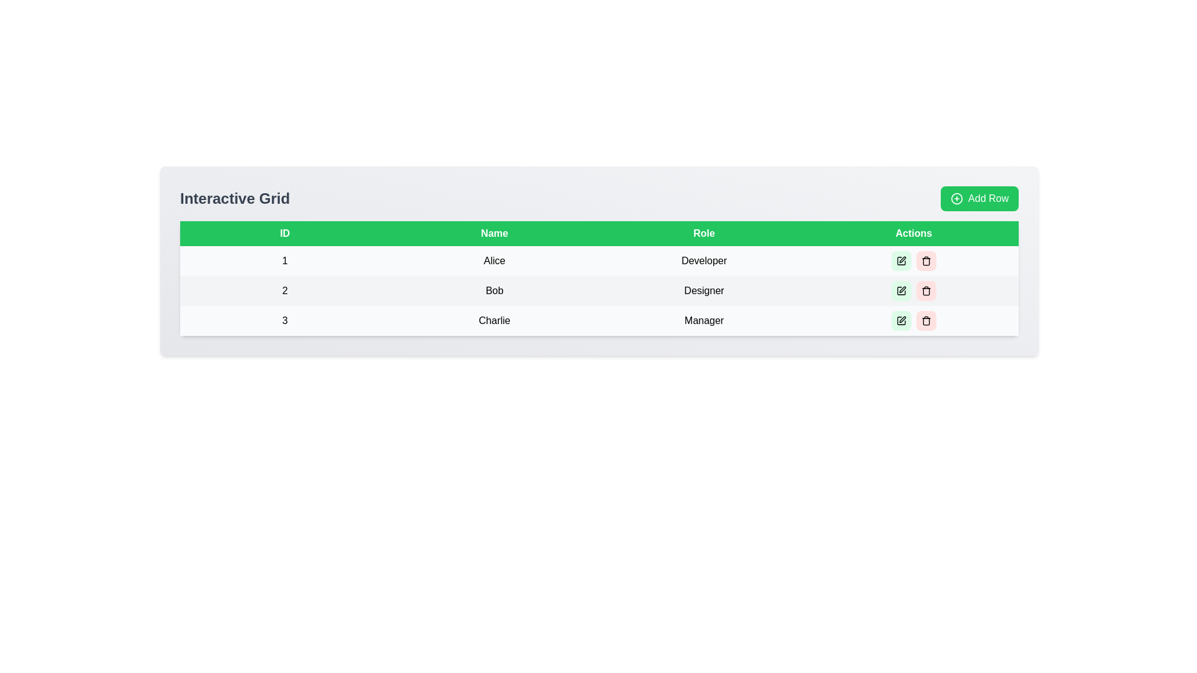  Describe the element at coordinates (284, 233) in the screenshot. I see `text content of the Table Header Cell labeled 'ID', which is a green rectangular cell with white bold text located at the top-left of the table header row` at that location.